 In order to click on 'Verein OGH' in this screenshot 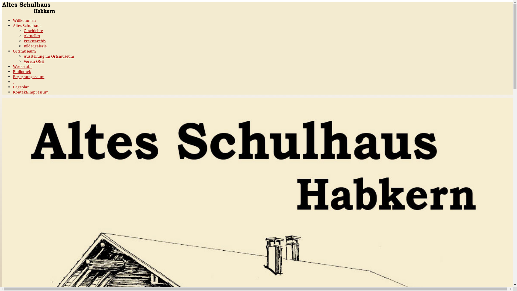, I will do `click(34, 61)`.